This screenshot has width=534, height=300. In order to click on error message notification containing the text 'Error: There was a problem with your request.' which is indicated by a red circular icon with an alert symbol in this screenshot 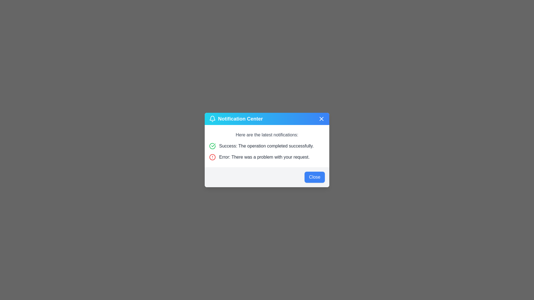, I will do `click(267, 157)`.